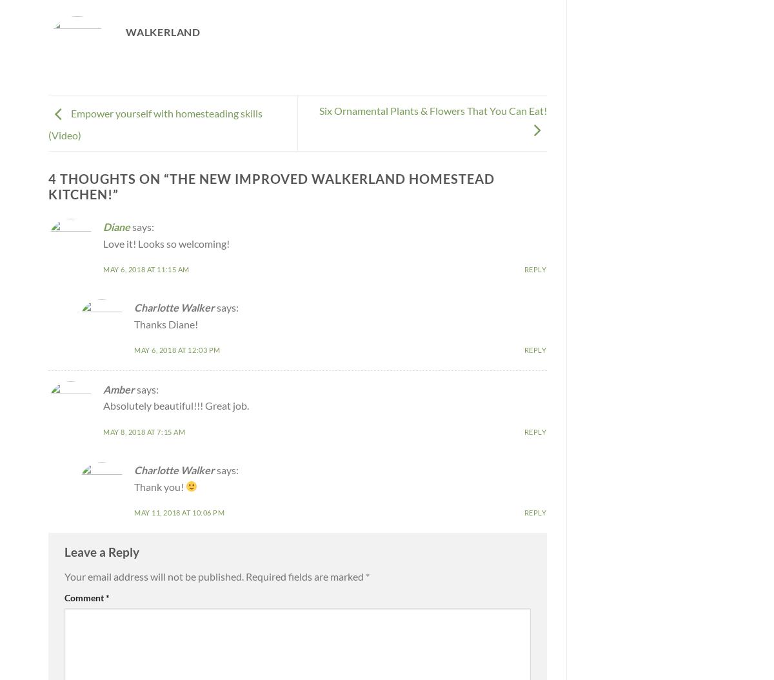 This screenshot has height=680, width=774. What do you see at coordinates (154, 123) in the screenshot?
I see `'Empower yourself with homesteading skills (Video)'` at bounding box center [154, 123].